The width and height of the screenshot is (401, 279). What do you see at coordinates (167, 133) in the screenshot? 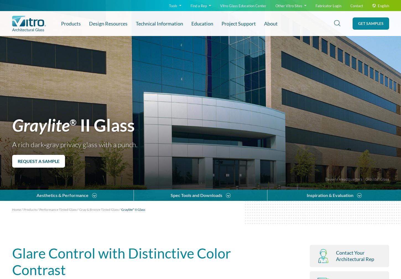
I see `'Long-Form Specification'` at bounding box center [167, 133].